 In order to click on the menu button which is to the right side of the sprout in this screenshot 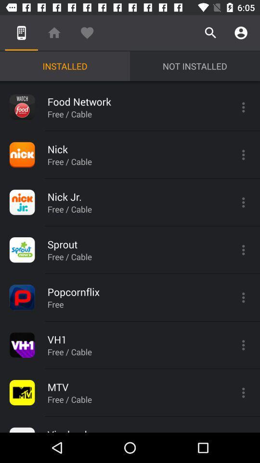, I will do `click(243, 249)`.